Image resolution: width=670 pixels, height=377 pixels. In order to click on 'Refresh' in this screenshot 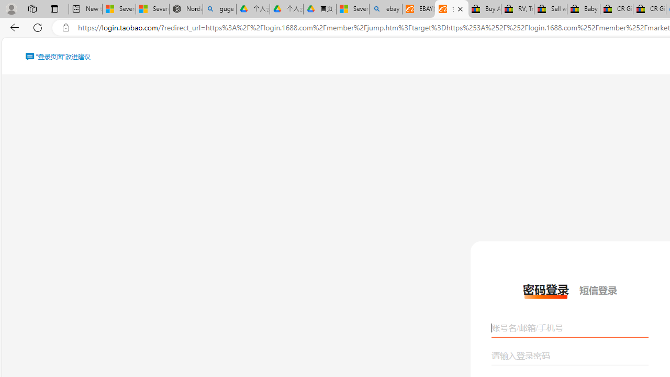, I will do `click(38, 27)`.